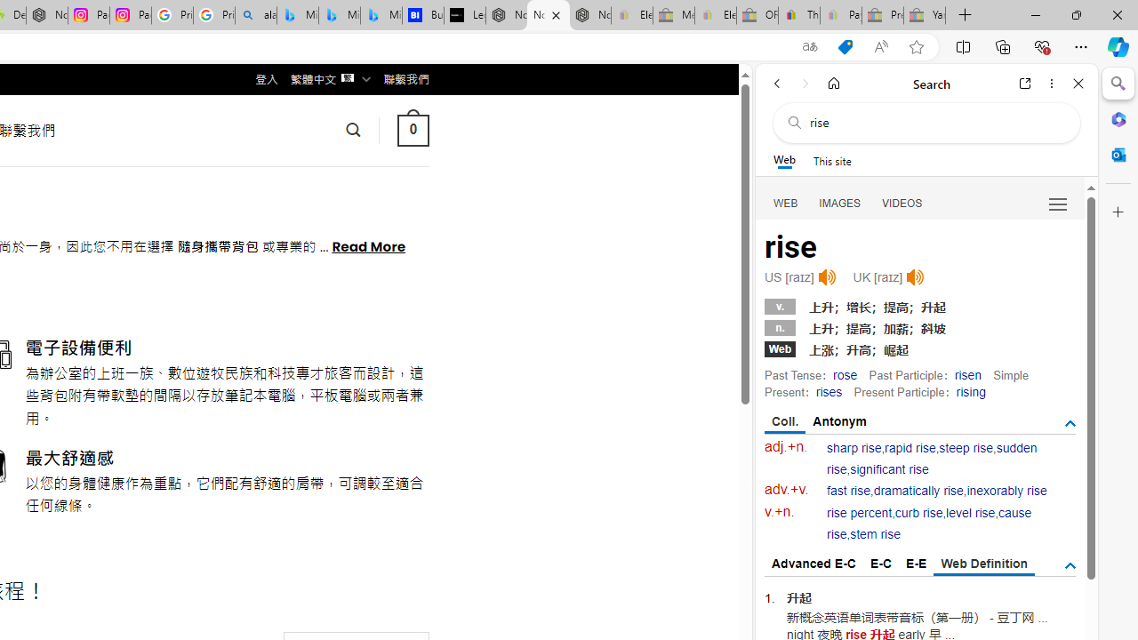 This screenshot has width=1138, height=640. What do you see at coordinates (367, 245) in the screenshot?
I see `'Read More'` at bounding box center [367, 245].